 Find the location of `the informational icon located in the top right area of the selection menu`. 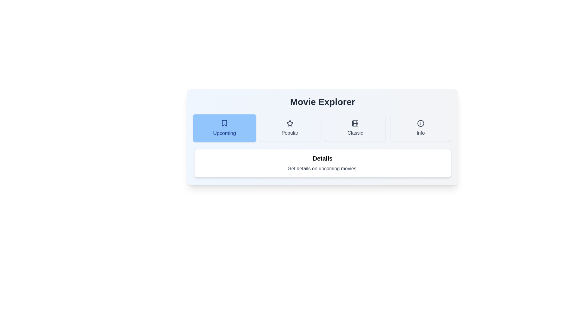

the informational icon located in the top right area of the selection menu is located at coordinates (420, 123).